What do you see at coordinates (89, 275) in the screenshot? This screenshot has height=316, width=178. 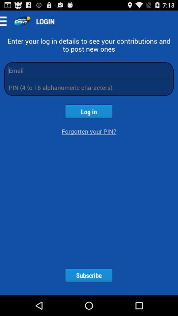 I see `the item at the bottom` at bounding box center [89, 275].